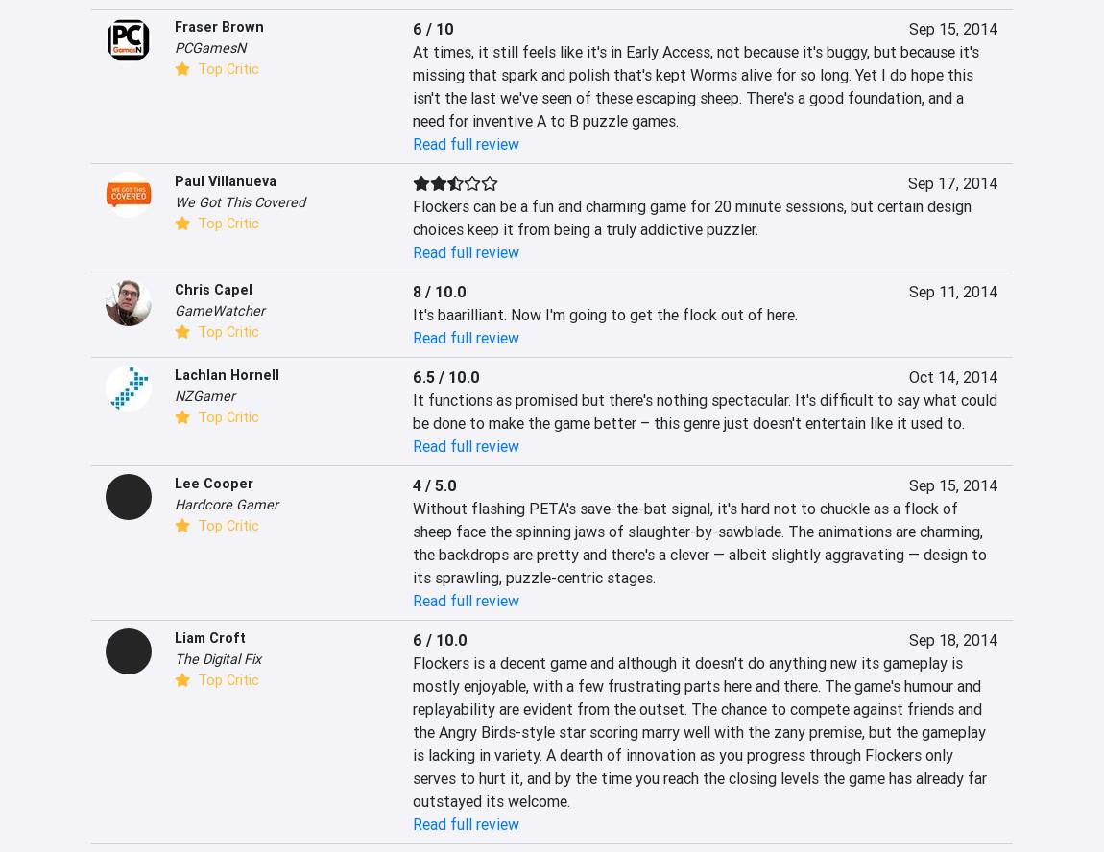 The height and width of the screenshot is (852, 1104). What do you see at coordinates (695, 85) in the screenshot?
I see `'At times, it still feels like it's in Early Access, not because it's buggy, but because it's missing that spark and polish that's kept Worms alive for so long. Yet I do hope this isn't the last we've seen of these escaping sheep. There's a good foundation, and a need for inventive A to B puzzle games.'` at bounding box center [695, 85].